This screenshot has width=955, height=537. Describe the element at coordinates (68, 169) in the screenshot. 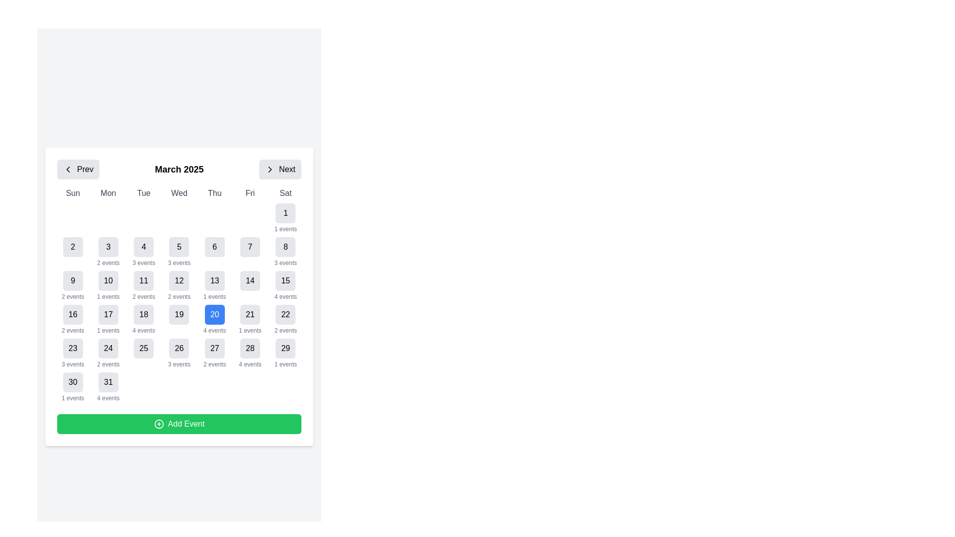

I see `the leftward-pointing chevron arrow inside the 'Prev' button in the top-left area of the calendar interface` at that location.